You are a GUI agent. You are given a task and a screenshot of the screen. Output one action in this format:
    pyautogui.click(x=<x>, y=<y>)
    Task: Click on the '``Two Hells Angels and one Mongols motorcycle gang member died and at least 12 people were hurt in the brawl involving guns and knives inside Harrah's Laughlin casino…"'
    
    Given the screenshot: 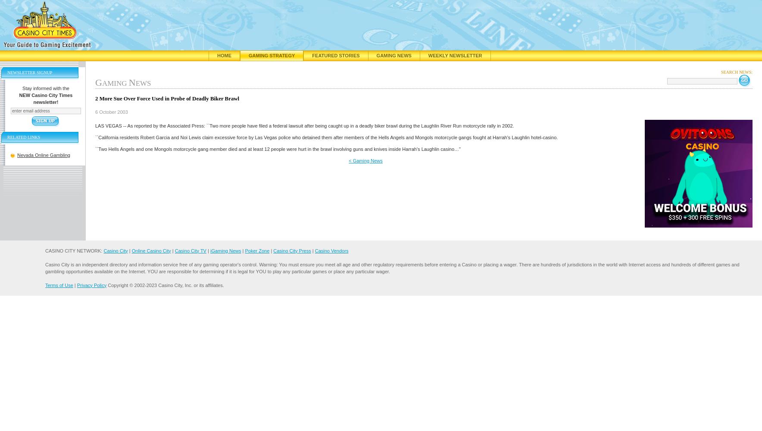 What is the action you would take?
    pyautogui.click(x=277, y=148)
    